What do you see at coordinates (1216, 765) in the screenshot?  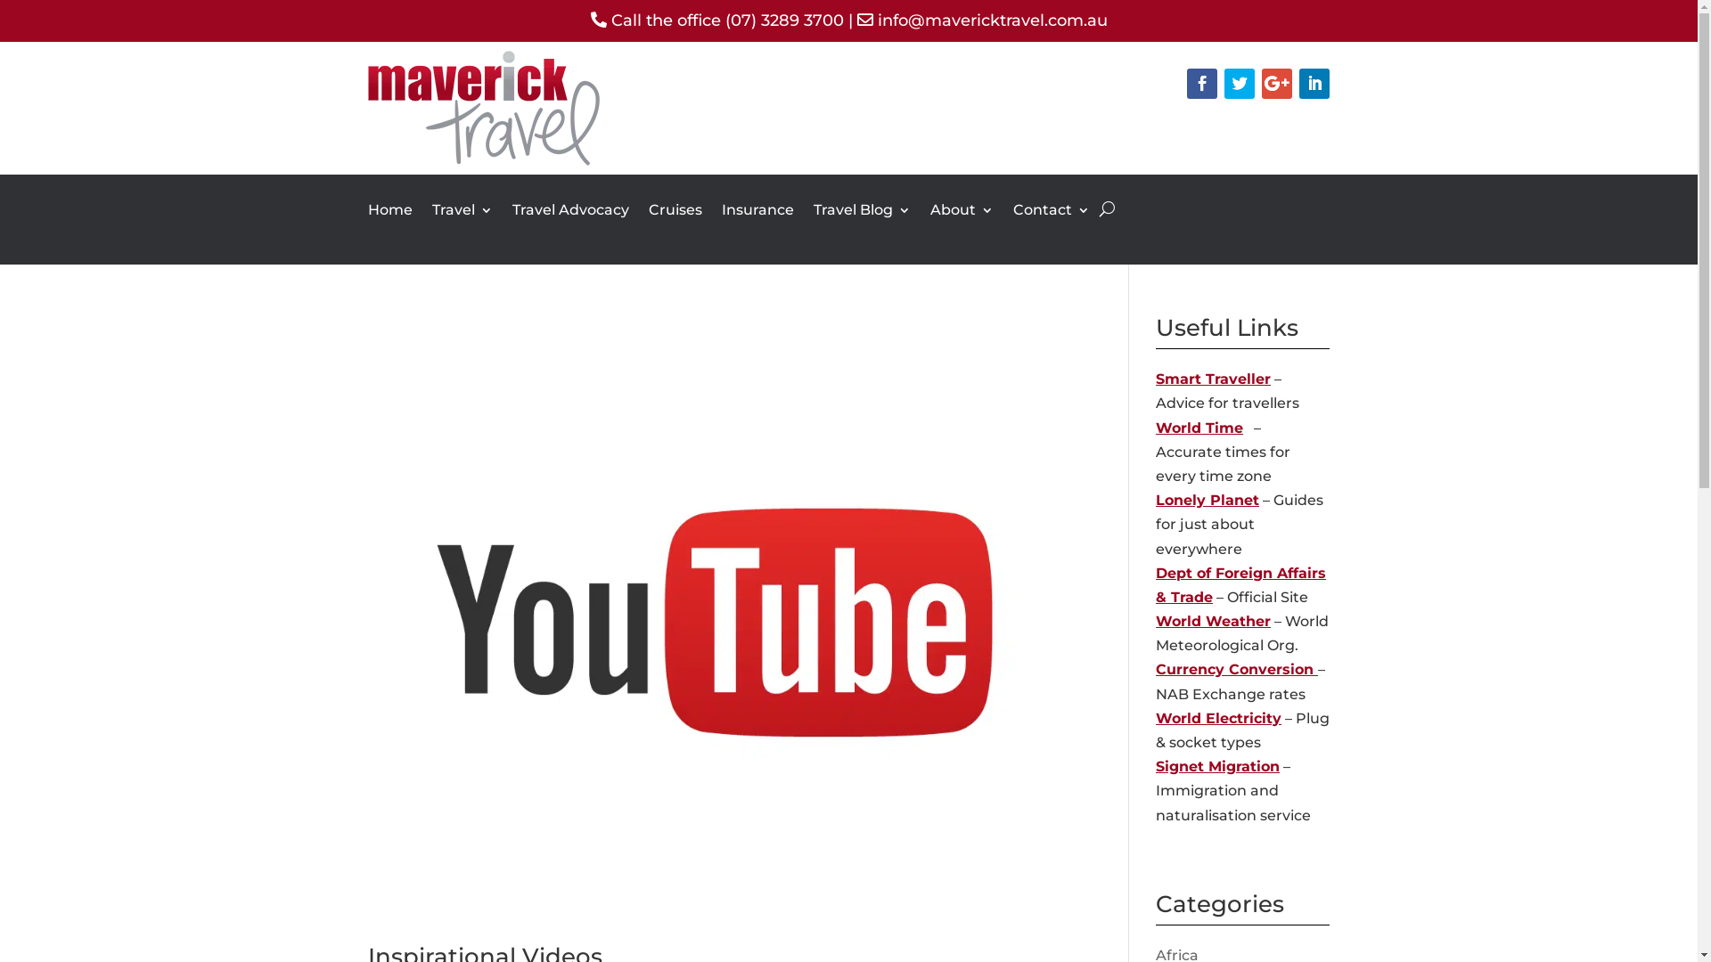 I see `'Signet Migration'` at bounding box center [1216, 765].